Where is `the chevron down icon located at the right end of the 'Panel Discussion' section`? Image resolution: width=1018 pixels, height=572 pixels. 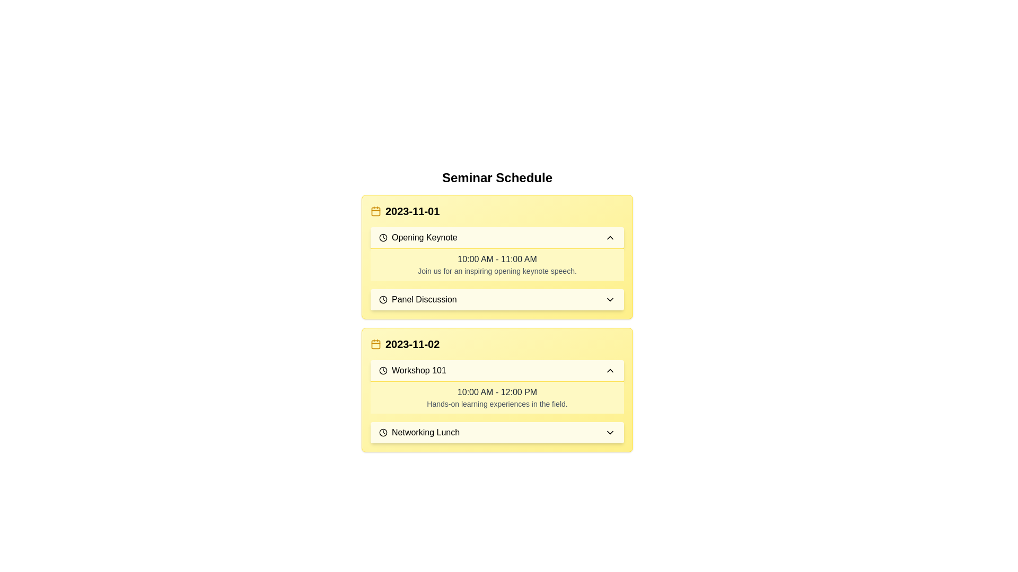 the chevron down icon located at the right end of the 'Panel Discussion' section is located at coordinates (610, 300).